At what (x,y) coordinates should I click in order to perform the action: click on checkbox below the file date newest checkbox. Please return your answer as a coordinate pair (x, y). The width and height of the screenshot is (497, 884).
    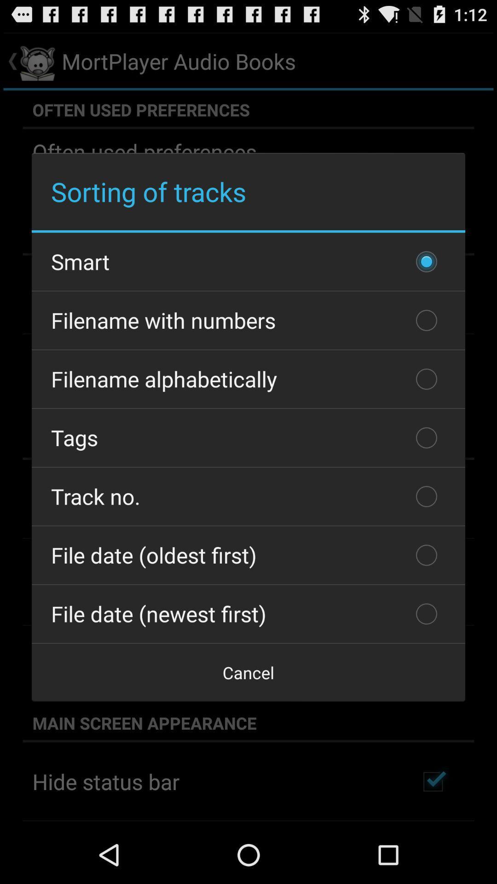
    Looking at the image, I should click on (248, 672).